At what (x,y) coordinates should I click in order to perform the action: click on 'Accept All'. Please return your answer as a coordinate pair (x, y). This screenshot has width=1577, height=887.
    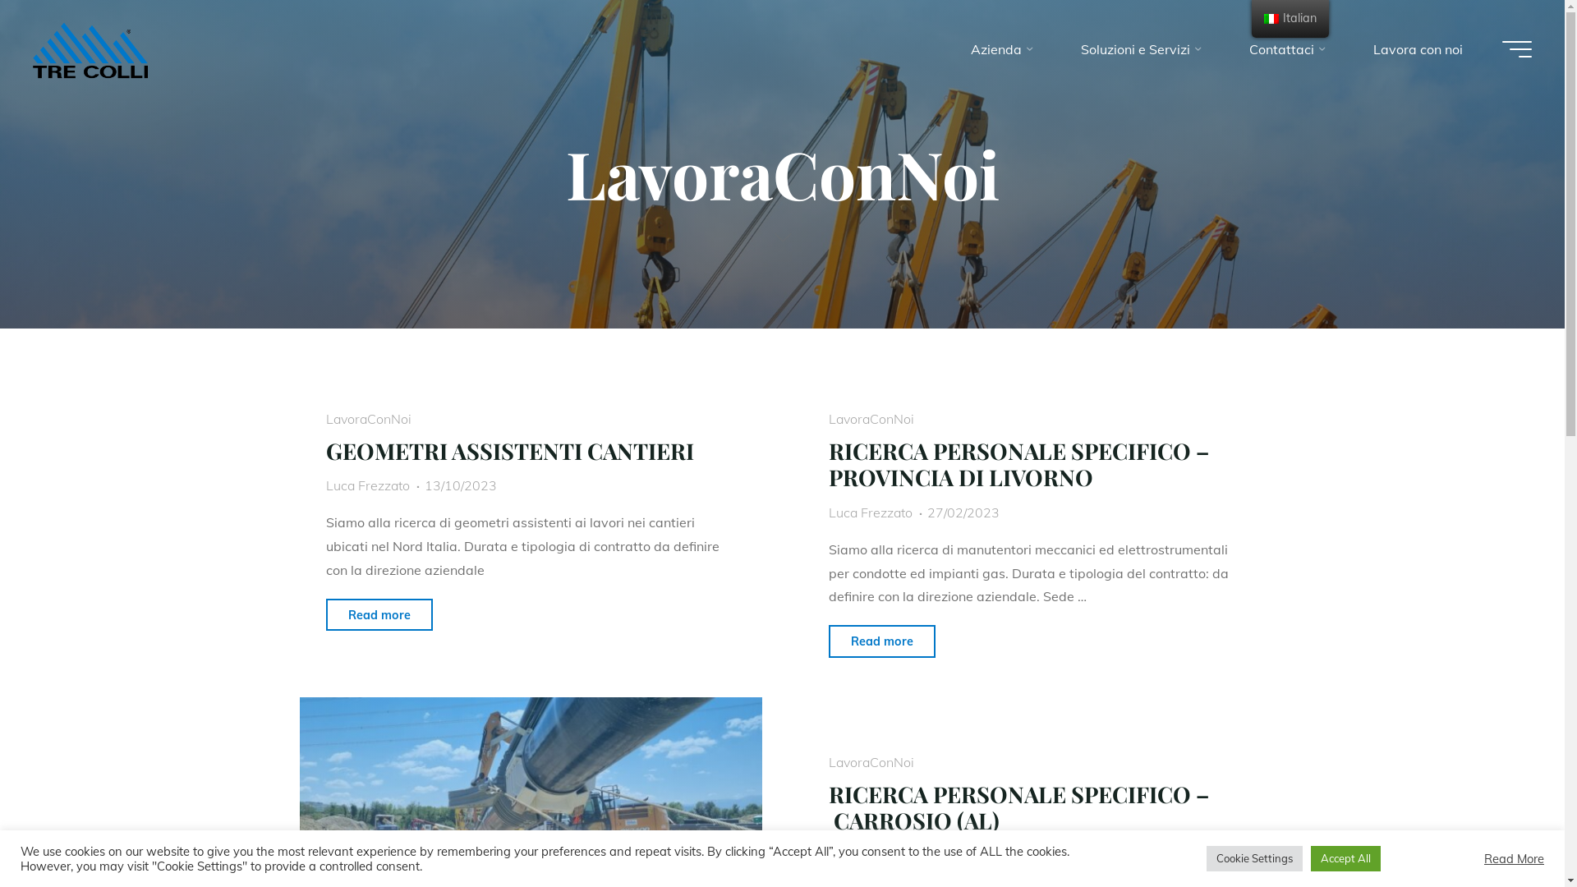
    Looking at the image, I should click on (1345, 857).